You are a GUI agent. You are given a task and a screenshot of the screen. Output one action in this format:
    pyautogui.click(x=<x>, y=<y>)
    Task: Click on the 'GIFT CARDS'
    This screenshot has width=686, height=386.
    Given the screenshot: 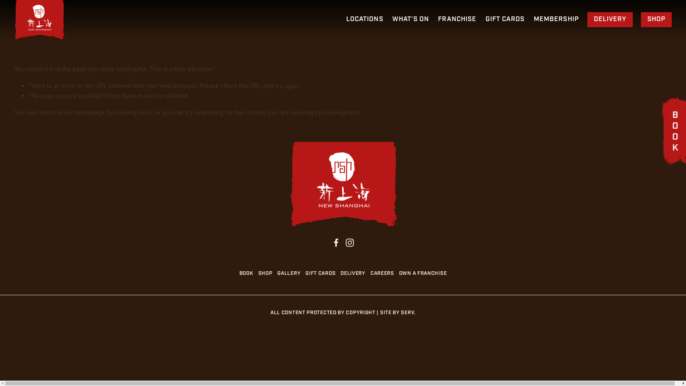 What is the action you would take?
    pyautogui.click(x=322, y=273)
    